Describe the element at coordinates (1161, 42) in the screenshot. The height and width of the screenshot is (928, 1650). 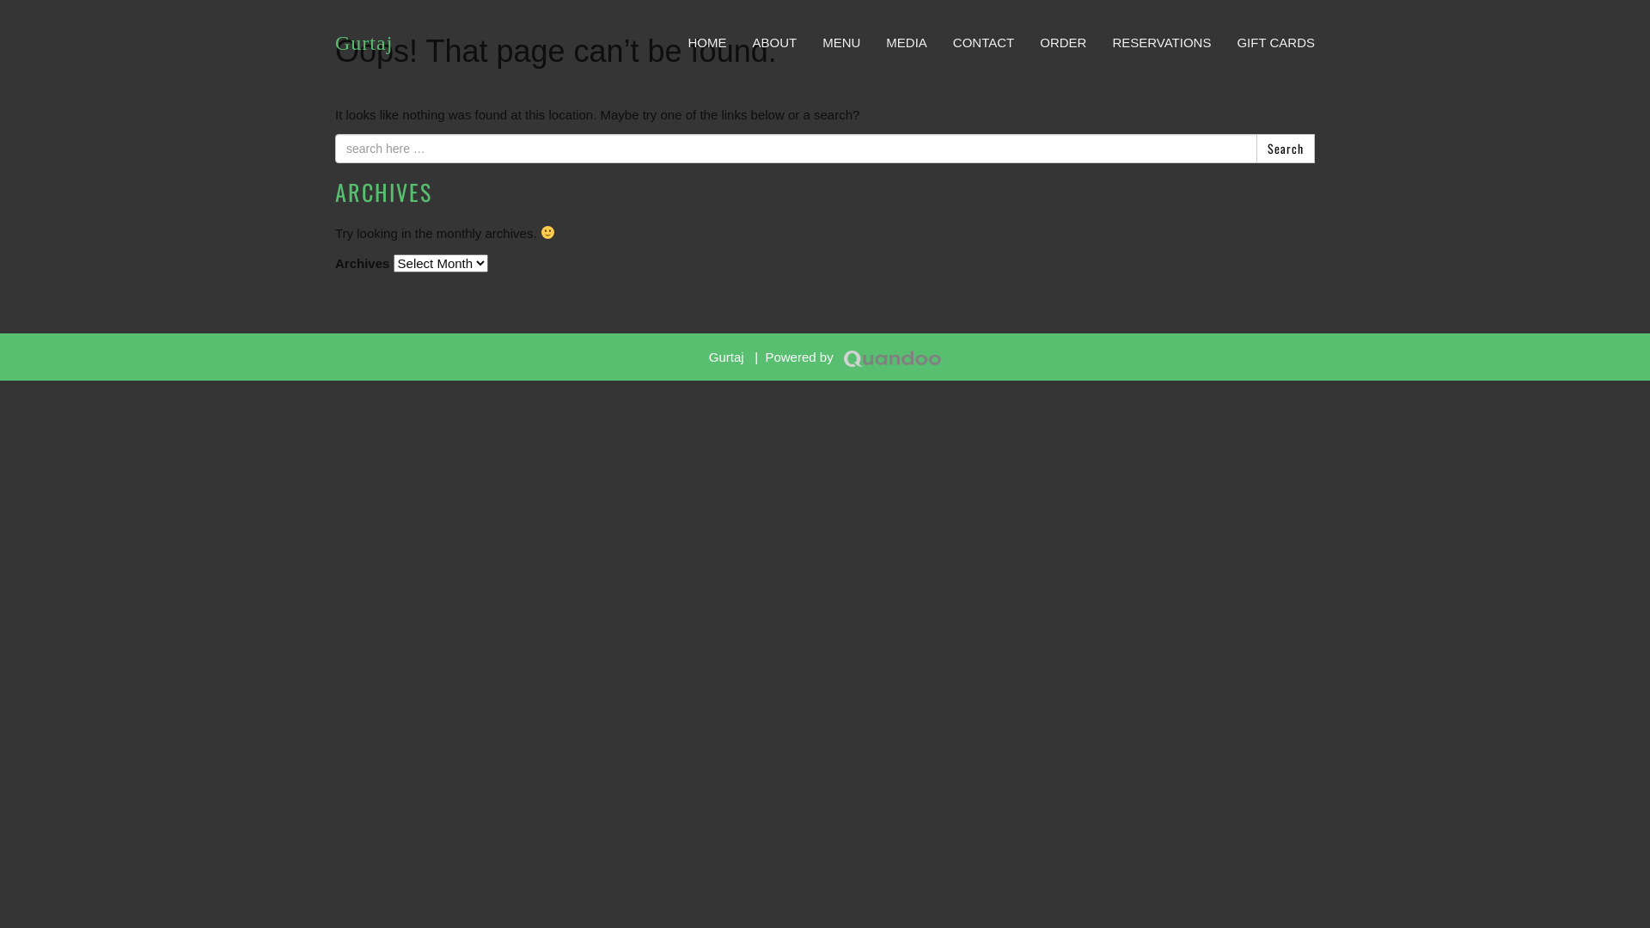
I see `'RESERVATIONS'` at that location.